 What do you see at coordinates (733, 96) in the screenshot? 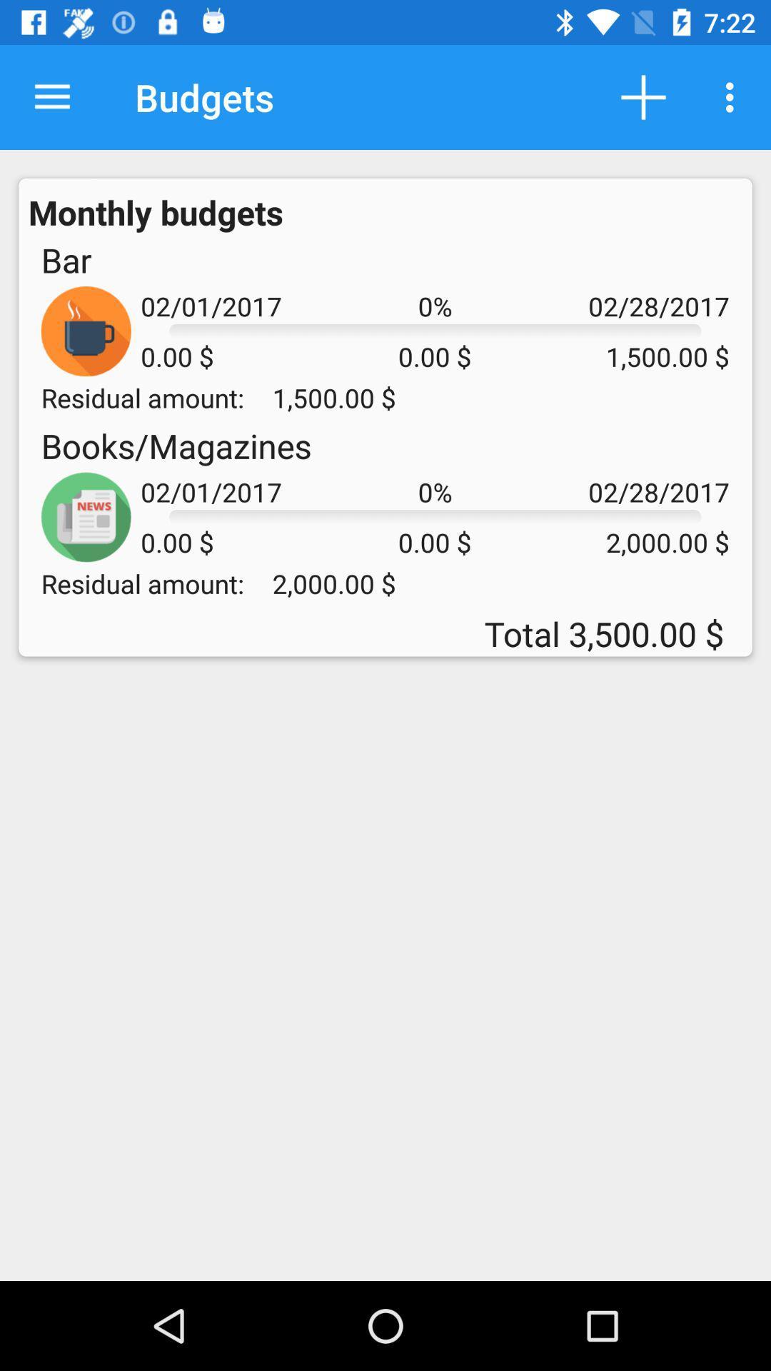
I see `icon above the 02/28/2017 item` at bounding box center [733, 96].